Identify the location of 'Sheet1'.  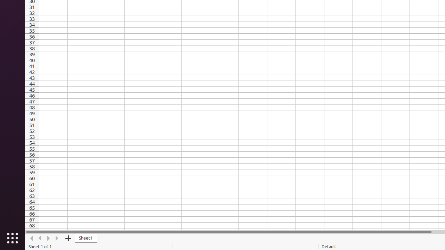
(86, 238).